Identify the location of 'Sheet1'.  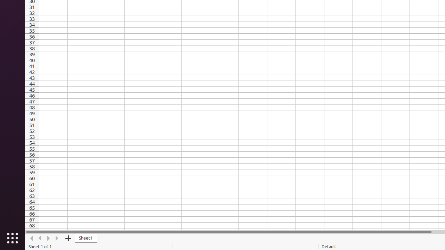
(86, 238).